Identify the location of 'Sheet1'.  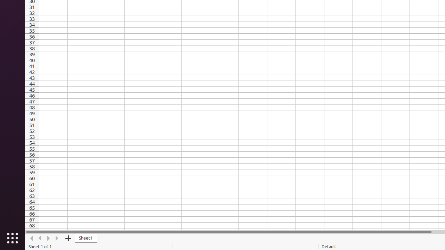
(86, 238).